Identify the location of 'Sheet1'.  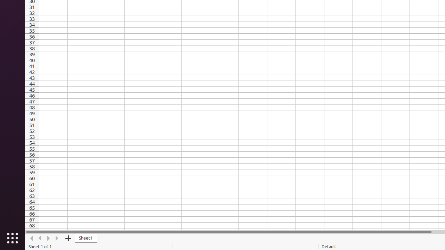
(86, 238).